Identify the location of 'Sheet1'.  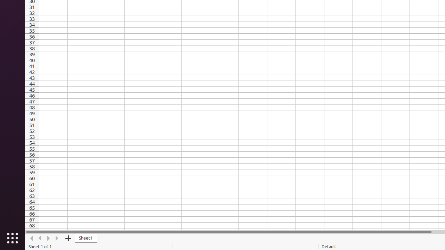
(86, 238).